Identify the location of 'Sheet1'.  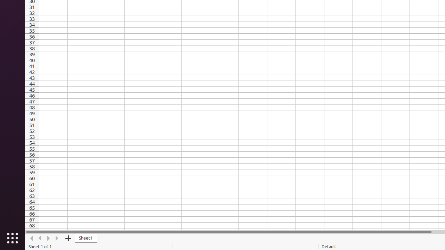
(86, 238).